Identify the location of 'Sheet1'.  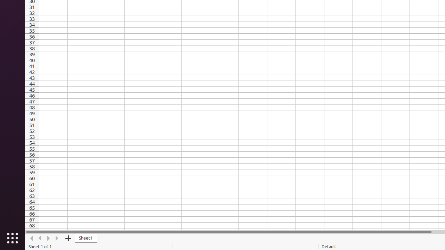
(86, 238).